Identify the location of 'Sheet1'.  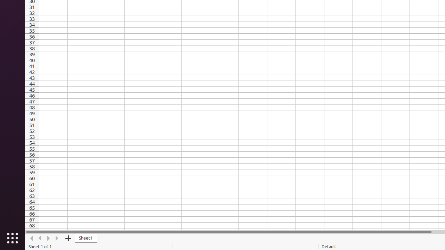
(86, 238).